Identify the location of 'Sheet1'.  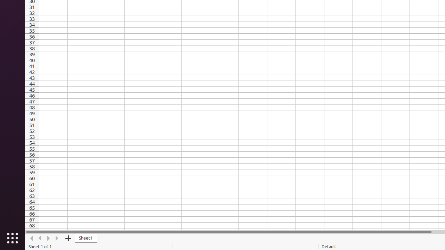
(86, 238).